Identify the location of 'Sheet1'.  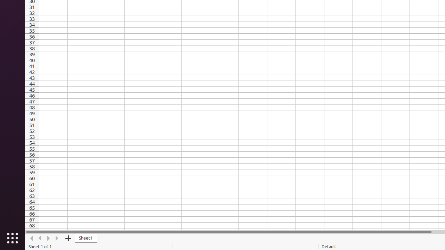
(86, 238).